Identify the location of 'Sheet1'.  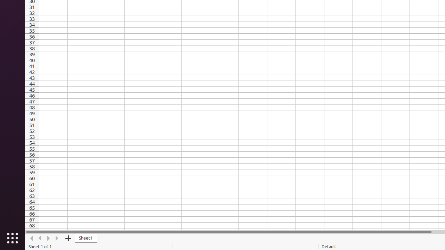
(86, 238).